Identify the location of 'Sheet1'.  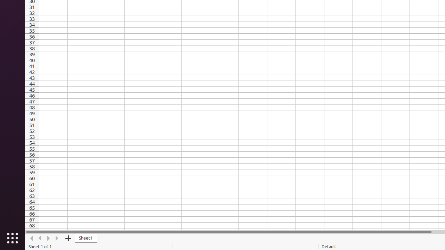
(86, 238).